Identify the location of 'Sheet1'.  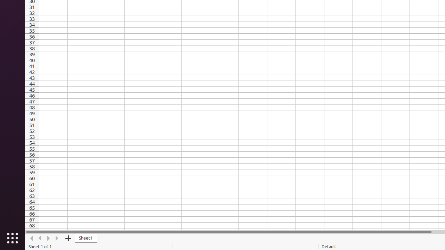
(86, 238).